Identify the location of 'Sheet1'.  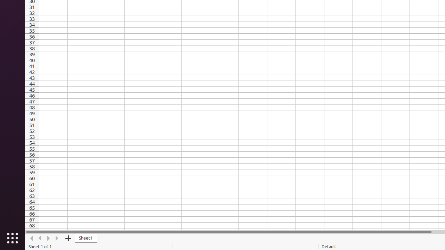
(86, 238).